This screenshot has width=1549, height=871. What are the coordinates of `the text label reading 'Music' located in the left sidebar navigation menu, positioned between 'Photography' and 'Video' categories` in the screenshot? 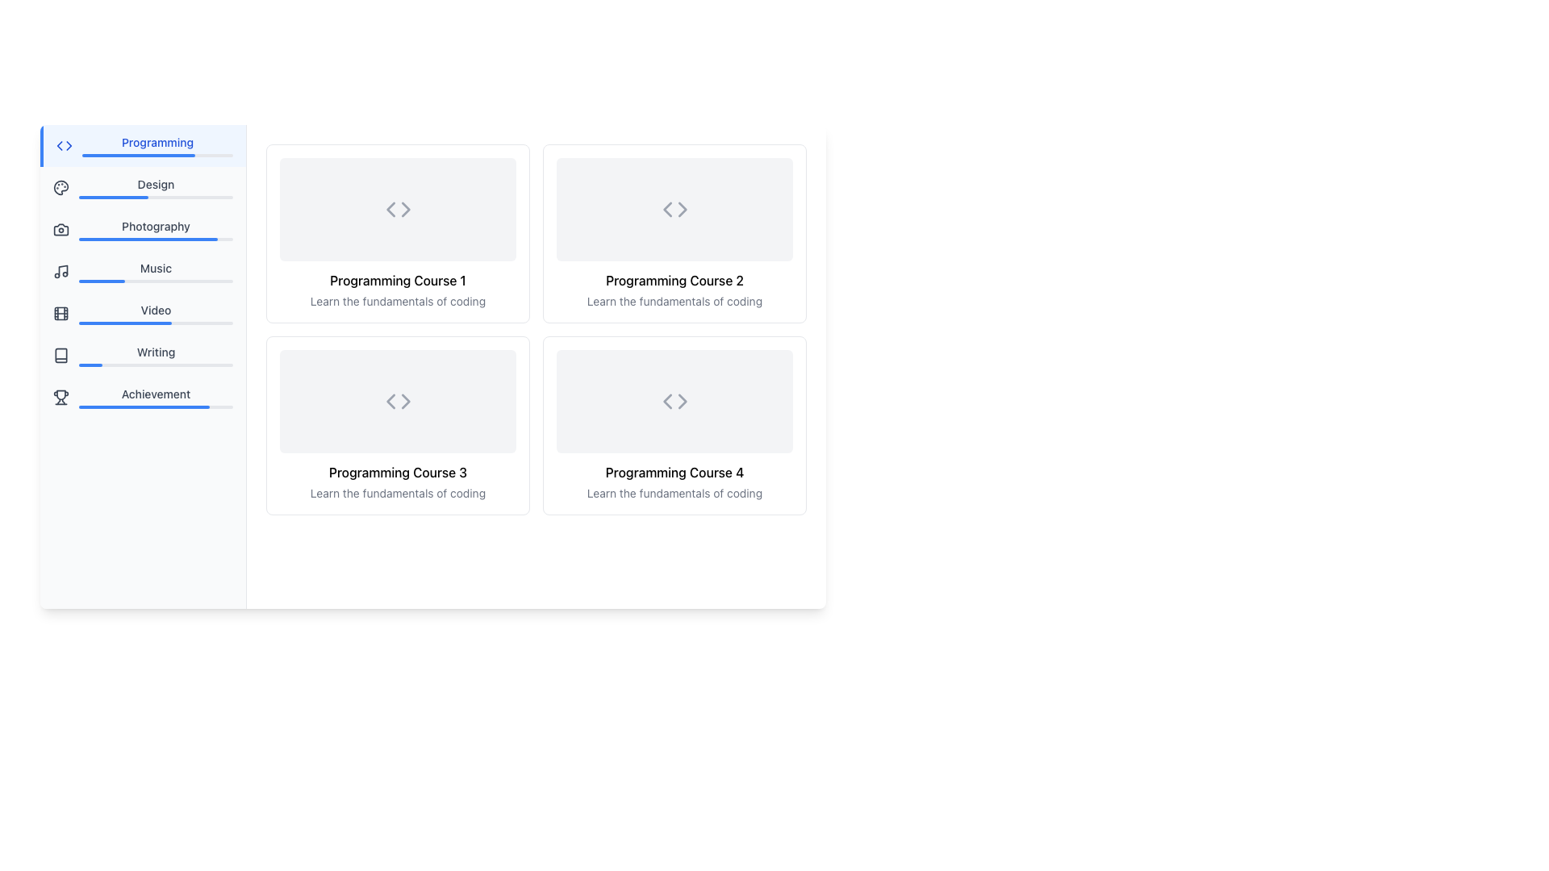 It's located at (156, 267).